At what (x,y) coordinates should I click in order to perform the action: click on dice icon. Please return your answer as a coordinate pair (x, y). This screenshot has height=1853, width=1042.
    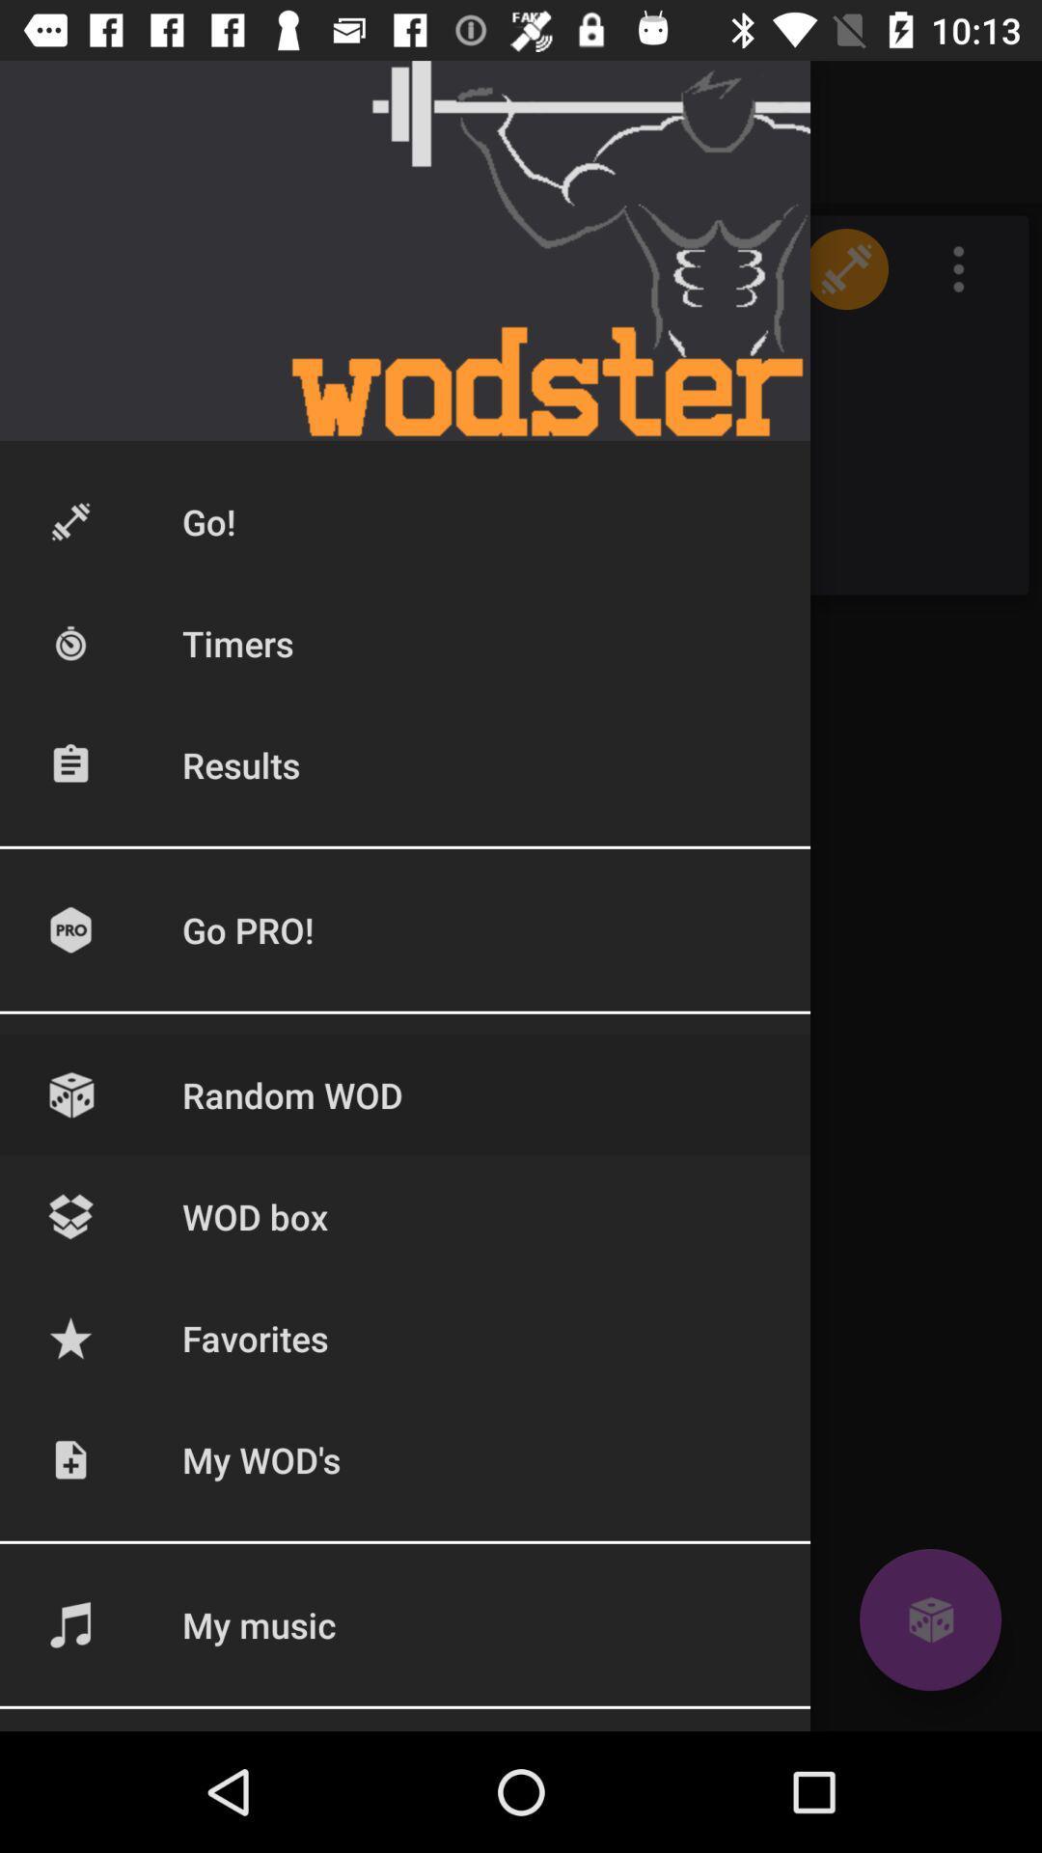
    Looking at the image, I should click on (929, 1619).